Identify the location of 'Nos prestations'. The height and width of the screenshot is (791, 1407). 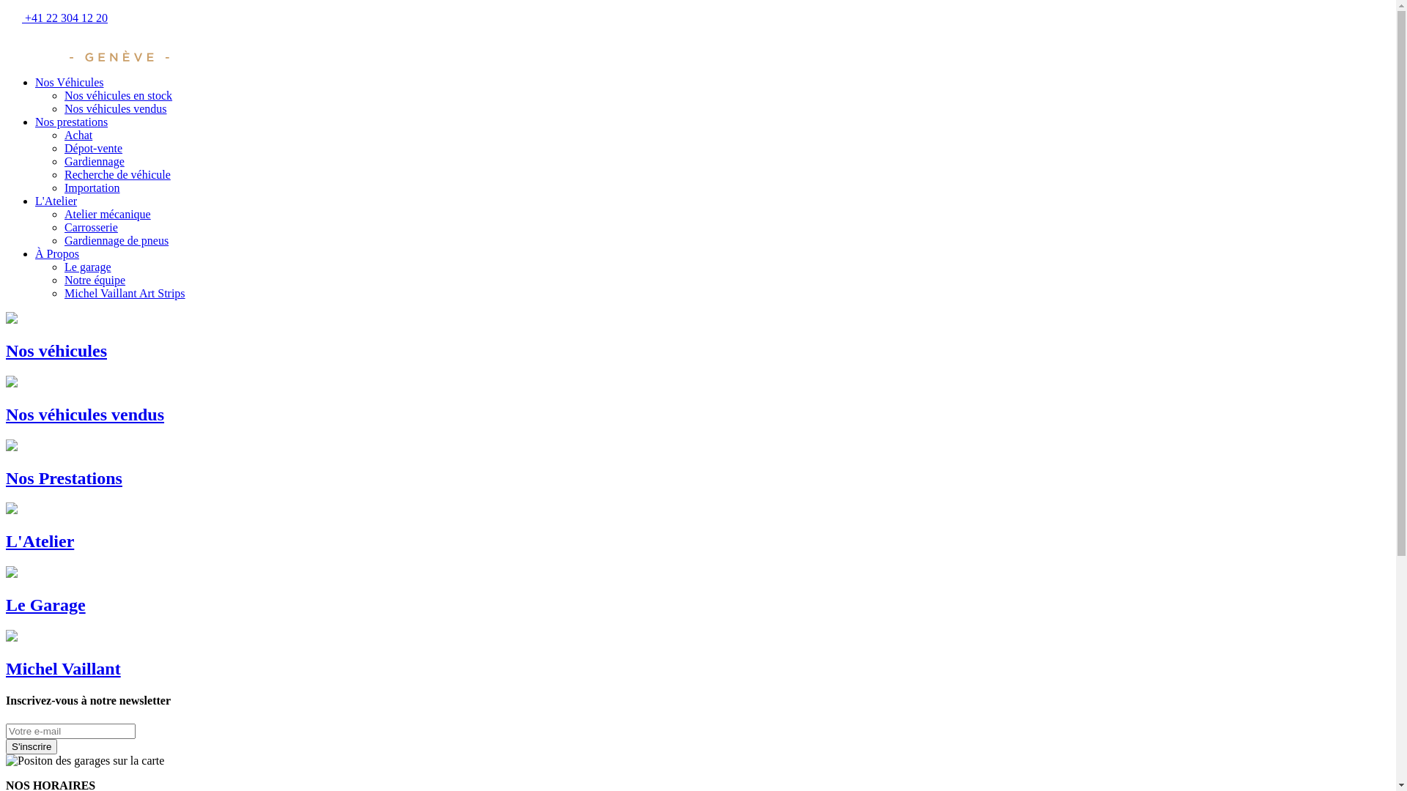
(70, 121).